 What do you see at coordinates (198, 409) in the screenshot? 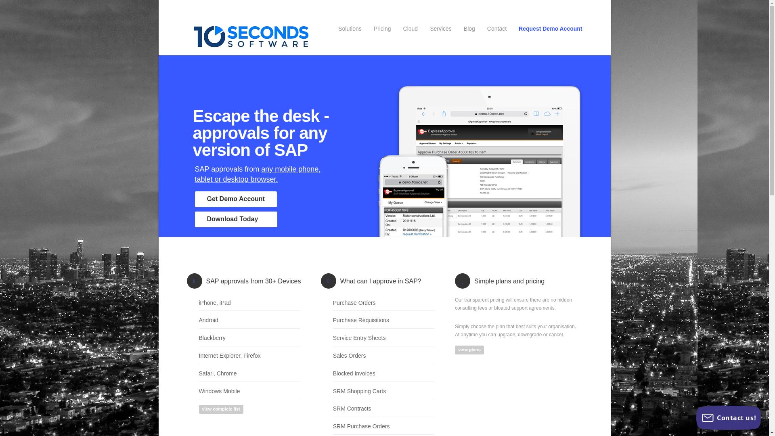
I see `'view complete list'` at bounding box center [198, 409].